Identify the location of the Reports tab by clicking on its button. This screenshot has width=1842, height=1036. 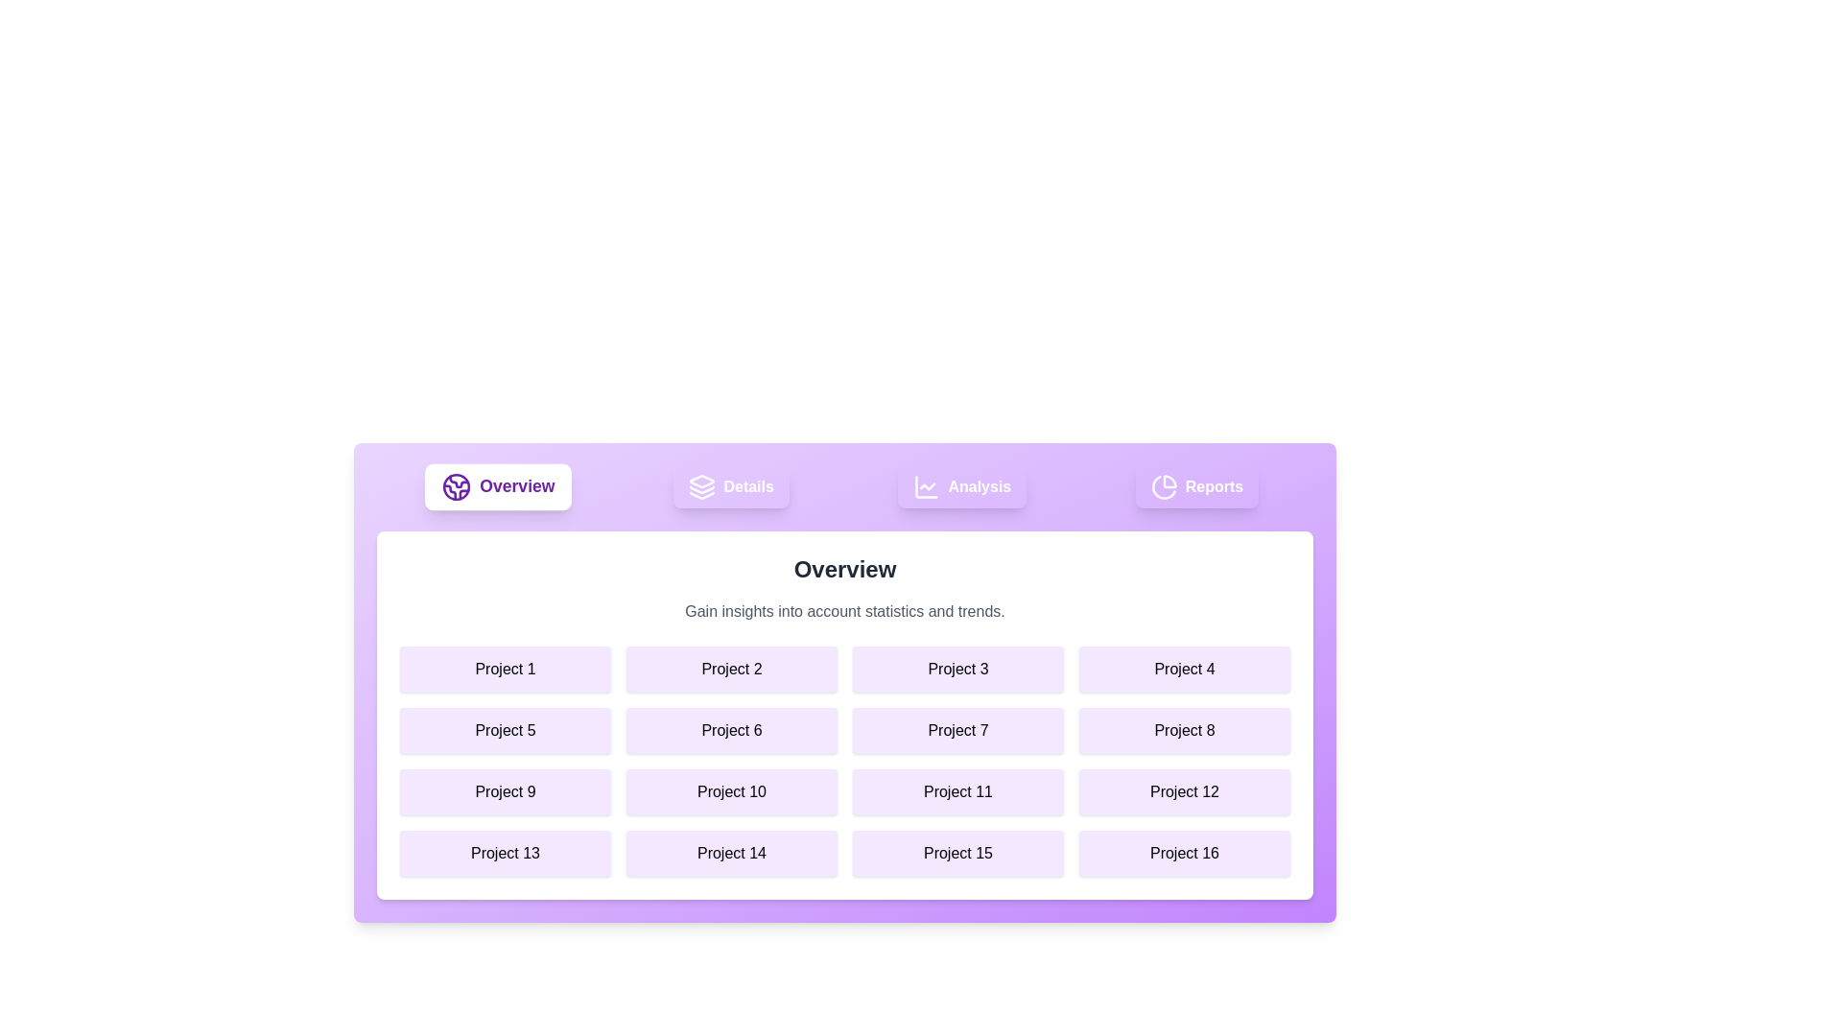
(1196, 486).